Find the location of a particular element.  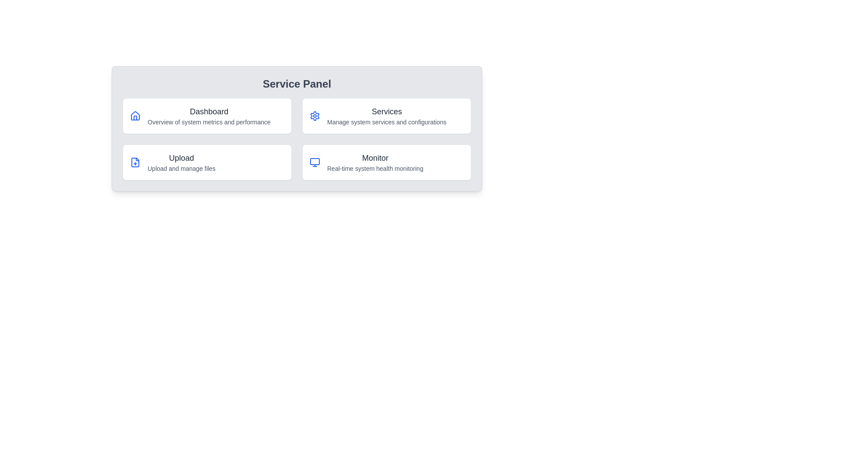

context provided by the 'Services' management text block located in the upper-right of the control panel, above the 'Monitor' section is located at coordinates (386, 116).